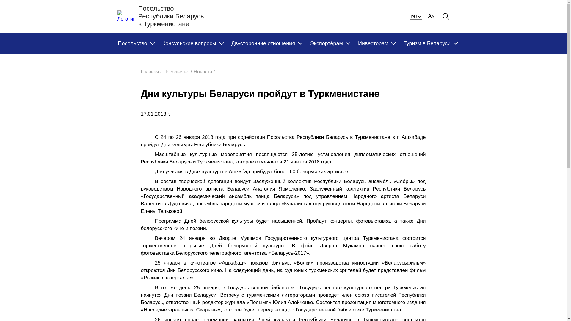  Describe the element at coordinates (431, 16) in the screenshot. I see `'AA'` at that location.